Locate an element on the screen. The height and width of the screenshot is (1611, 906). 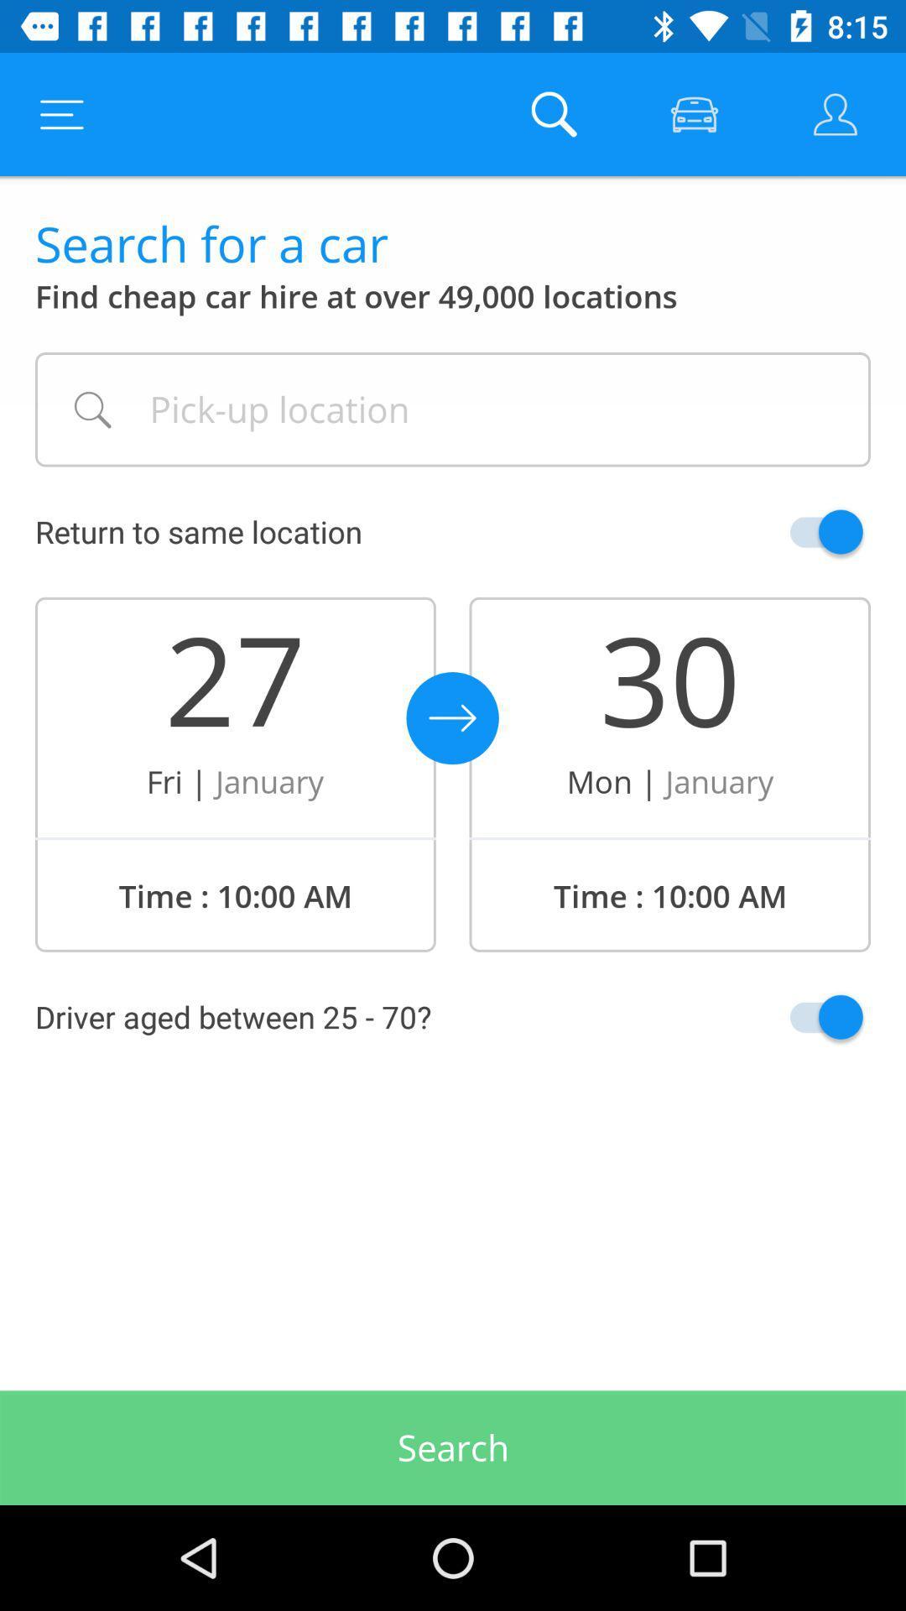
driver age confirmation is located at coordinates (787, 1016).